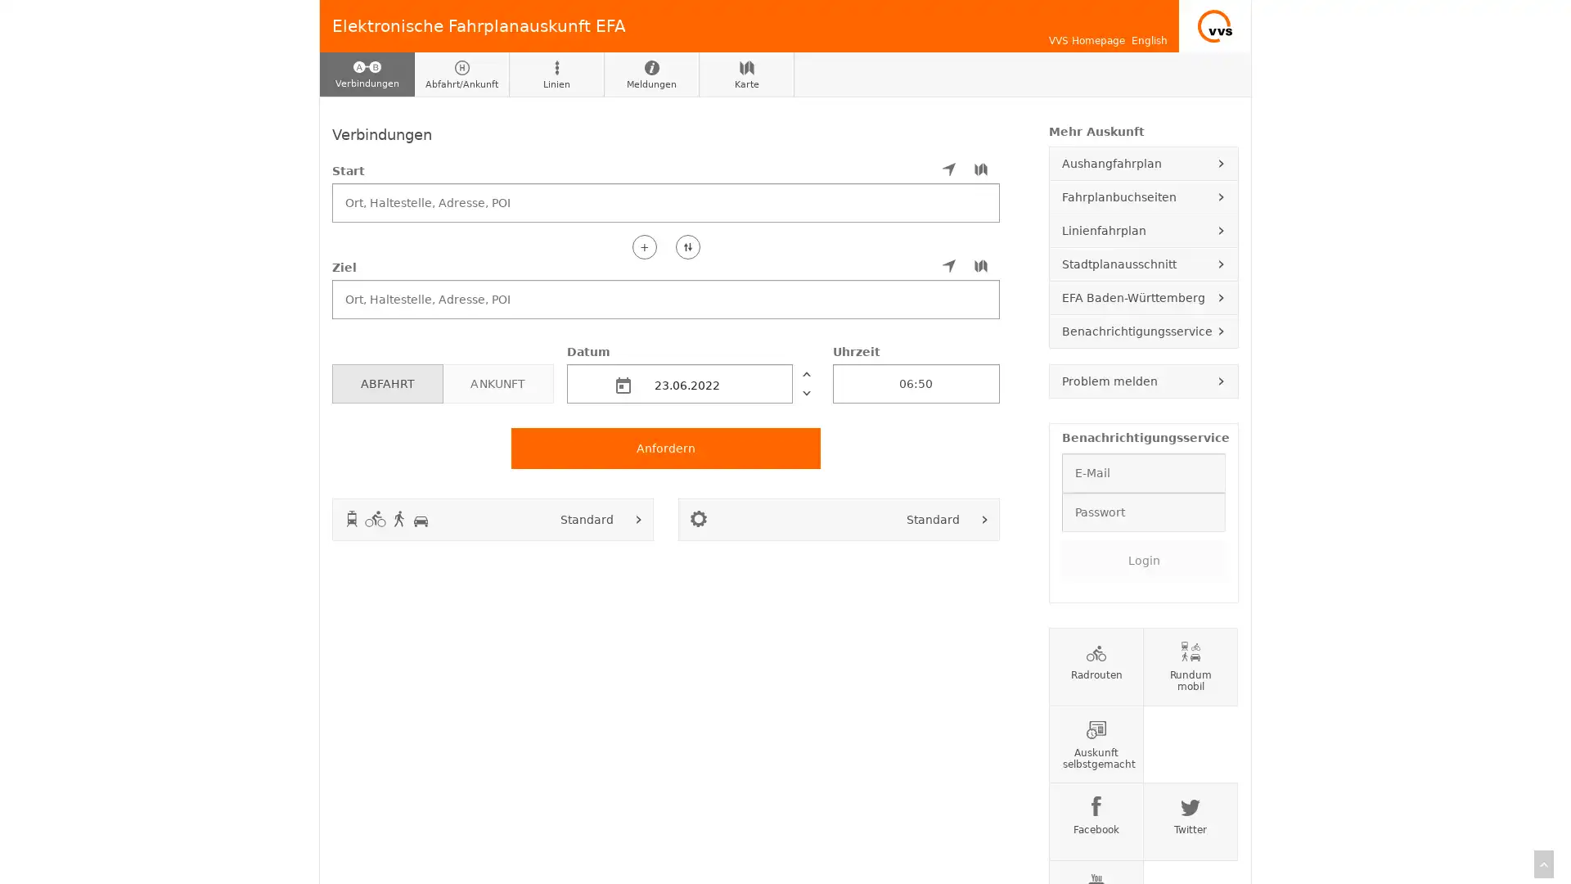  What do you see at coordinates (650, 74) in the screenshot?
I see `Meldungen` at bounding box center [650, 74].